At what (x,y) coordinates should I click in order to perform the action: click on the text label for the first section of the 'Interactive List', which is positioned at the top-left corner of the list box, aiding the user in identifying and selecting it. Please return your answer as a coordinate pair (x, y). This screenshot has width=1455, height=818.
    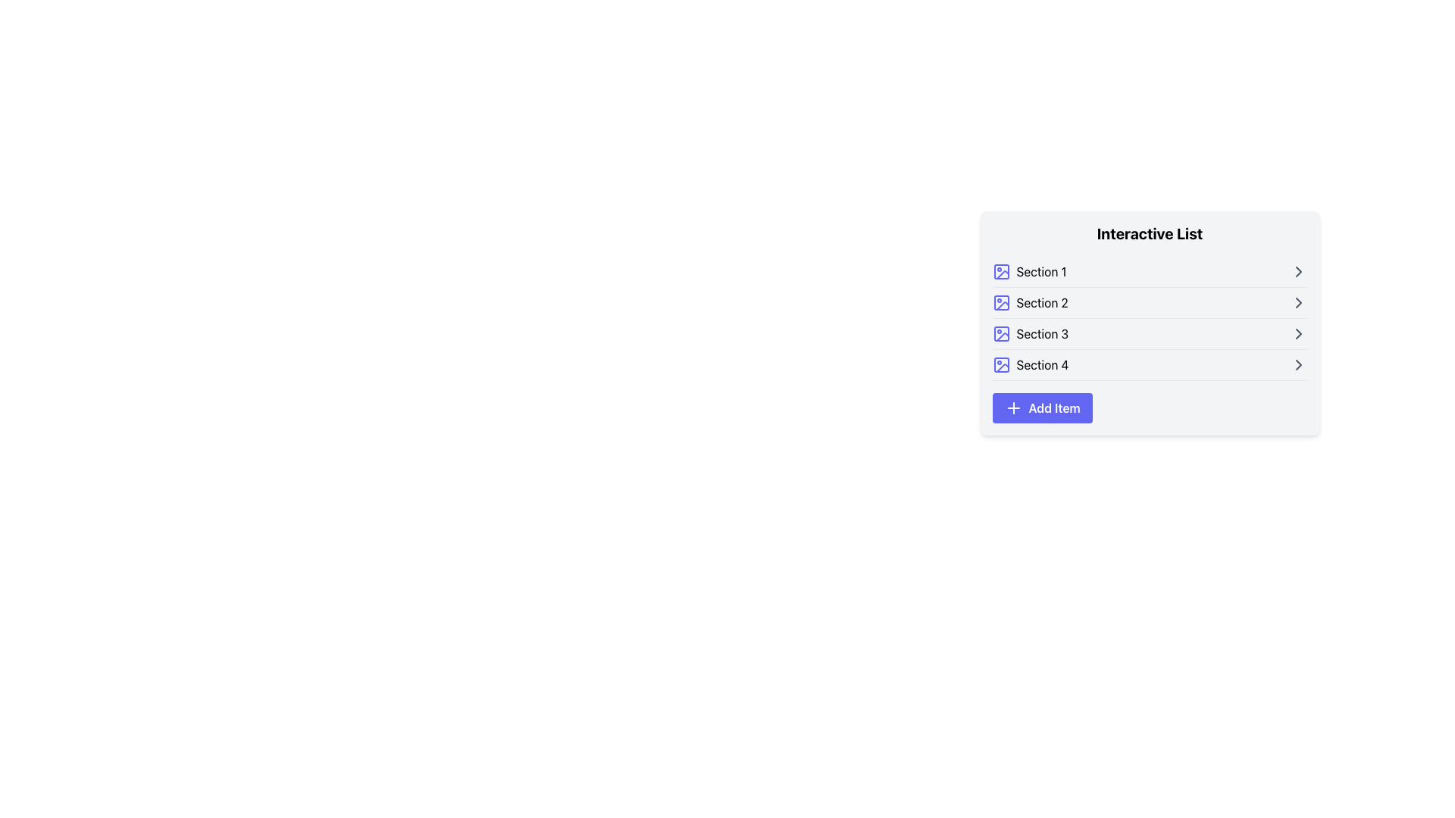
    Looking at the image, I should click on (1040, 270).